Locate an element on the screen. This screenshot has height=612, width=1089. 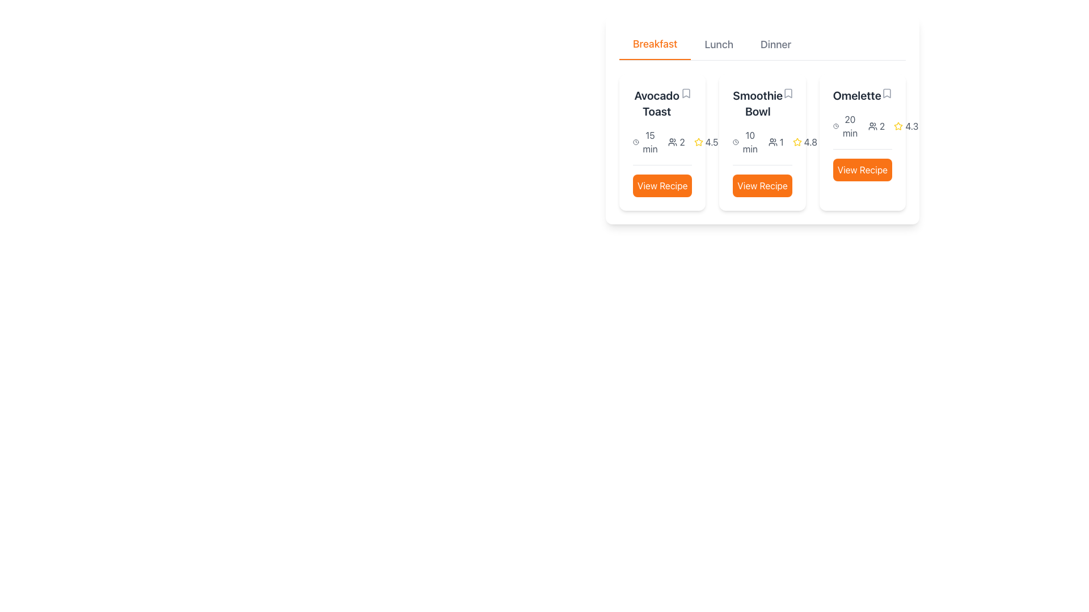
the second button in the horizontal layout of recipe cards to change its background color to a darker shade is located at coordinates (762, 185).